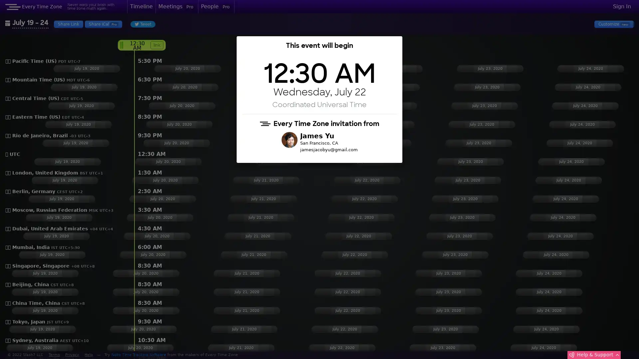 The height and width of the screenshot is (359, 639). Describe the element at coordinates (103, 24) in the screenshot. I see `Share iCal Pro` at that location.